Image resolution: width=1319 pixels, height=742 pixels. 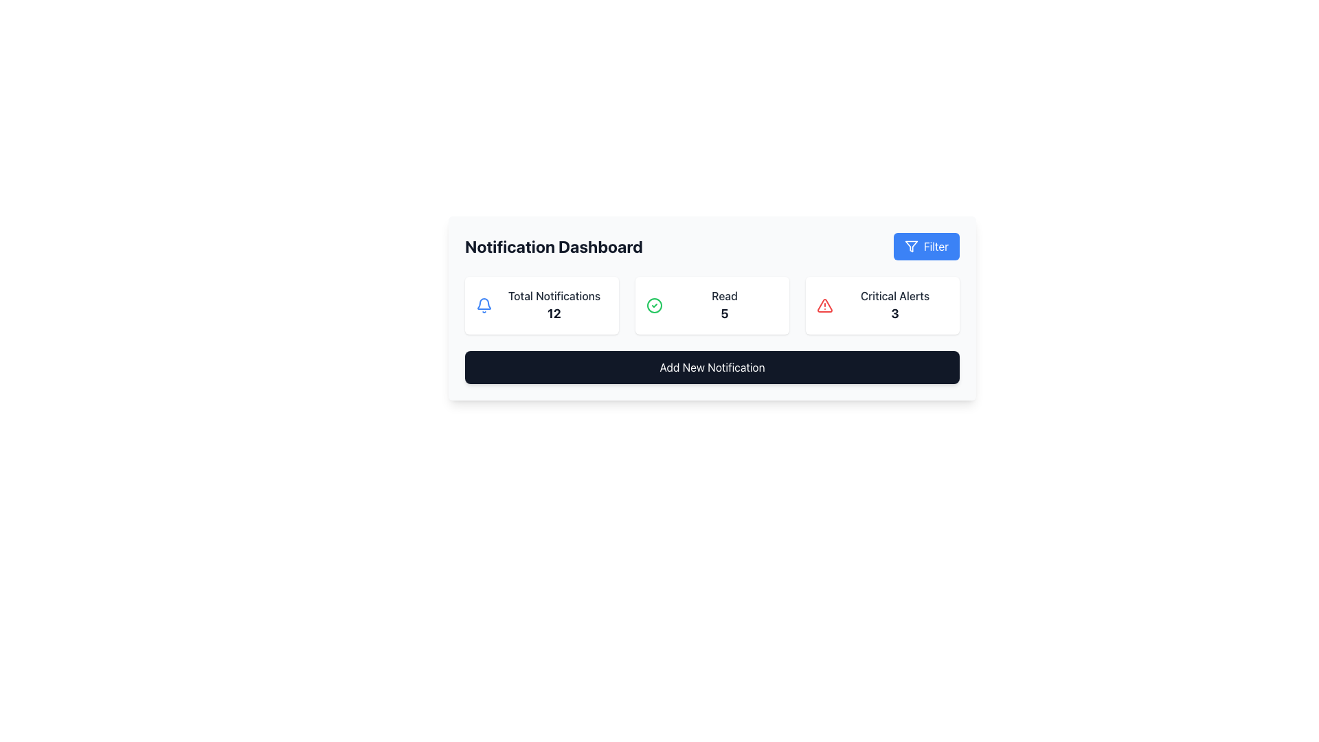 I want to click on the static informational display element that shows the total number of notifications, located under the 'Notification Dashboard' heading in the first column of the grid layout, so click(x=541, y=304).